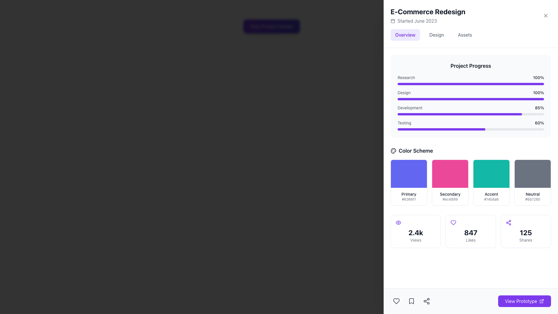  What do you see at coordinates (415, 232) in the screenshot?
I see `the text label displaying '2.4k' which is a bold, large-sized dark gray font metric indicating Views, positioned centrally in the lower right column of the interface` at bounding box center [415, 232].